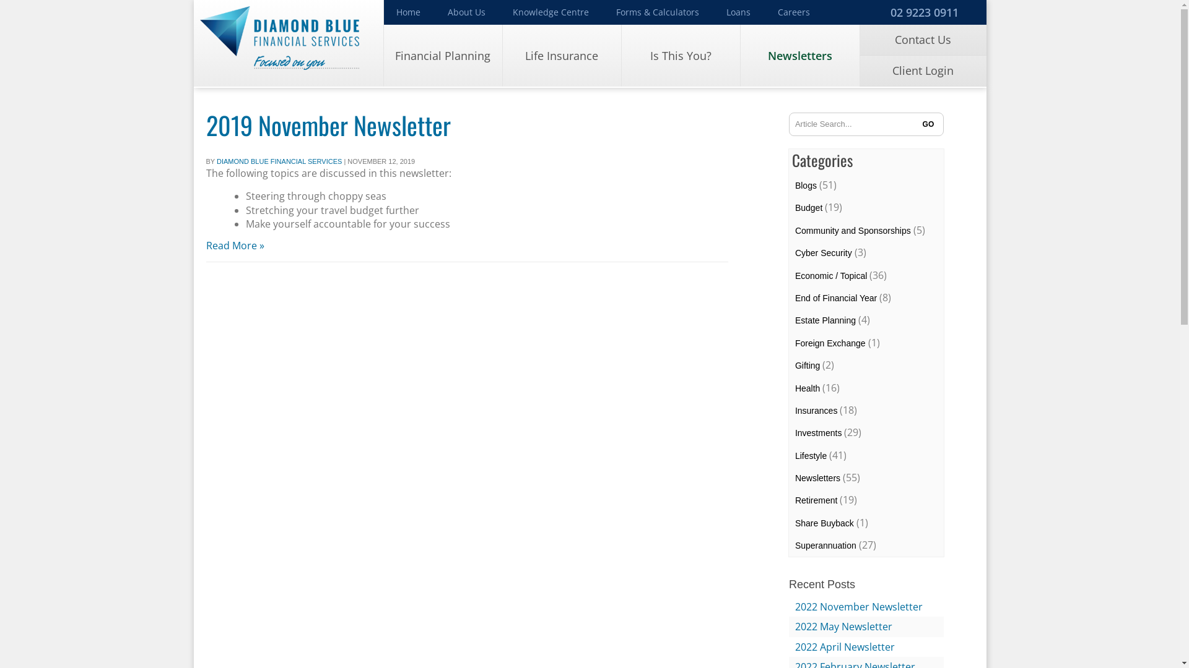  What do you see at coordinates (808, 364) in the screenshot?
I see `'Gifting'` at bounding box center [808, 364].